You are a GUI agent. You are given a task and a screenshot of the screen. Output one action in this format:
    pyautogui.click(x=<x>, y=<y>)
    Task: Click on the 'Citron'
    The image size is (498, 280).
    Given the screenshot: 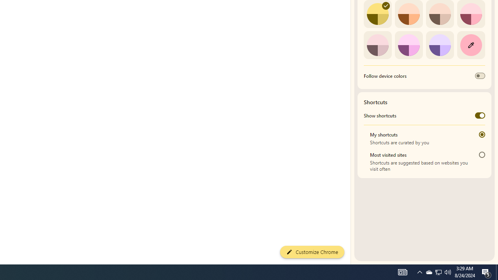 What is the action you would take?
    pyautogui.click(x=377, y=14)
    